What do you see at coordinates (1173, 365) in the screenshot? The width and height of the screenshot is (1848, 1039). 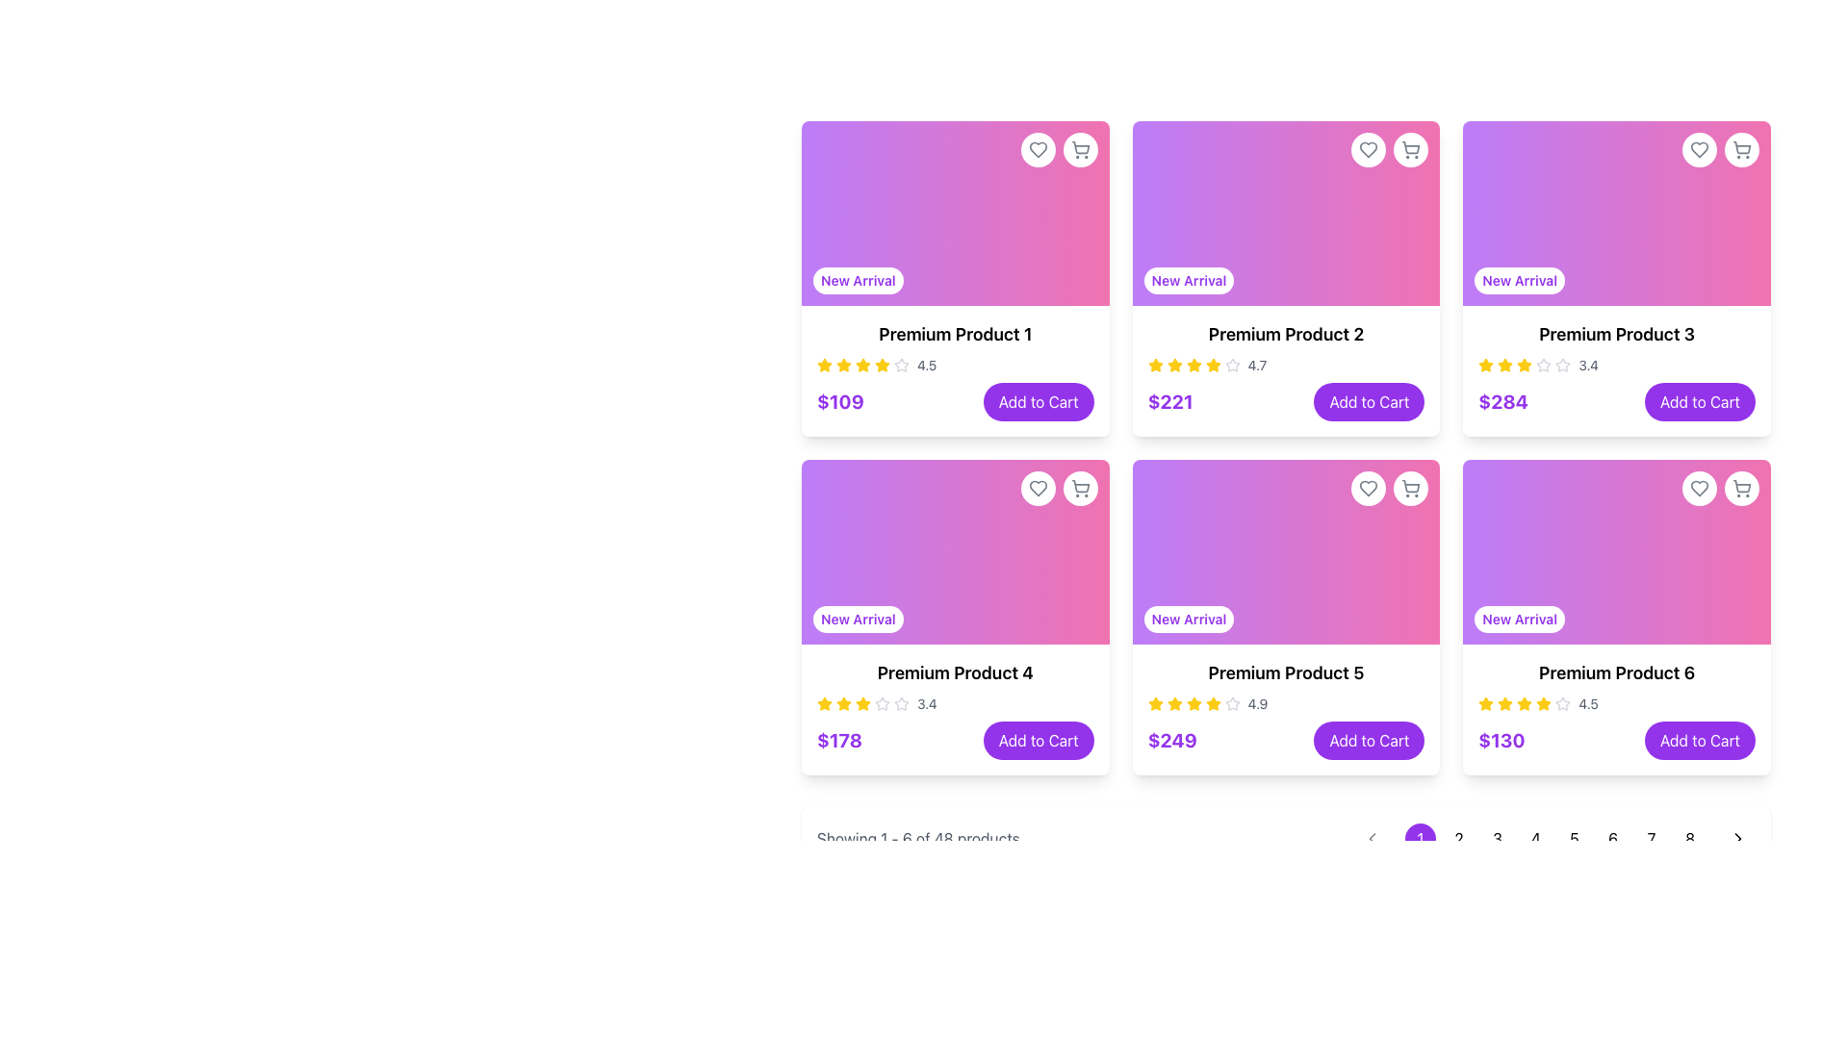 I see `second star icon in the rating system for 'Premium Product 2', which is located in the second row, first column of the grid, to analyze its position relative to other stars` at bounding box center [1173, 365].